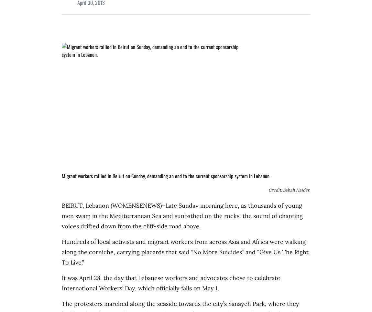 The image size is (372, 312). I want to click on 'were walking along the corniche, carrying placards that said “No More Suicides” and “Give Us The Right To Live.”', so click(185, 252).